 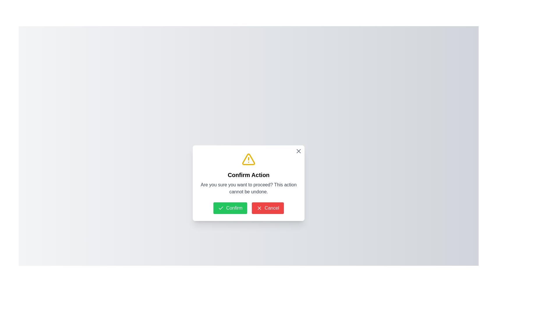 I want to click on the 'Confirm' button which contains a checkmark icon, located in the bottom-left side of a modal dialog, so click(x=221, y=208).